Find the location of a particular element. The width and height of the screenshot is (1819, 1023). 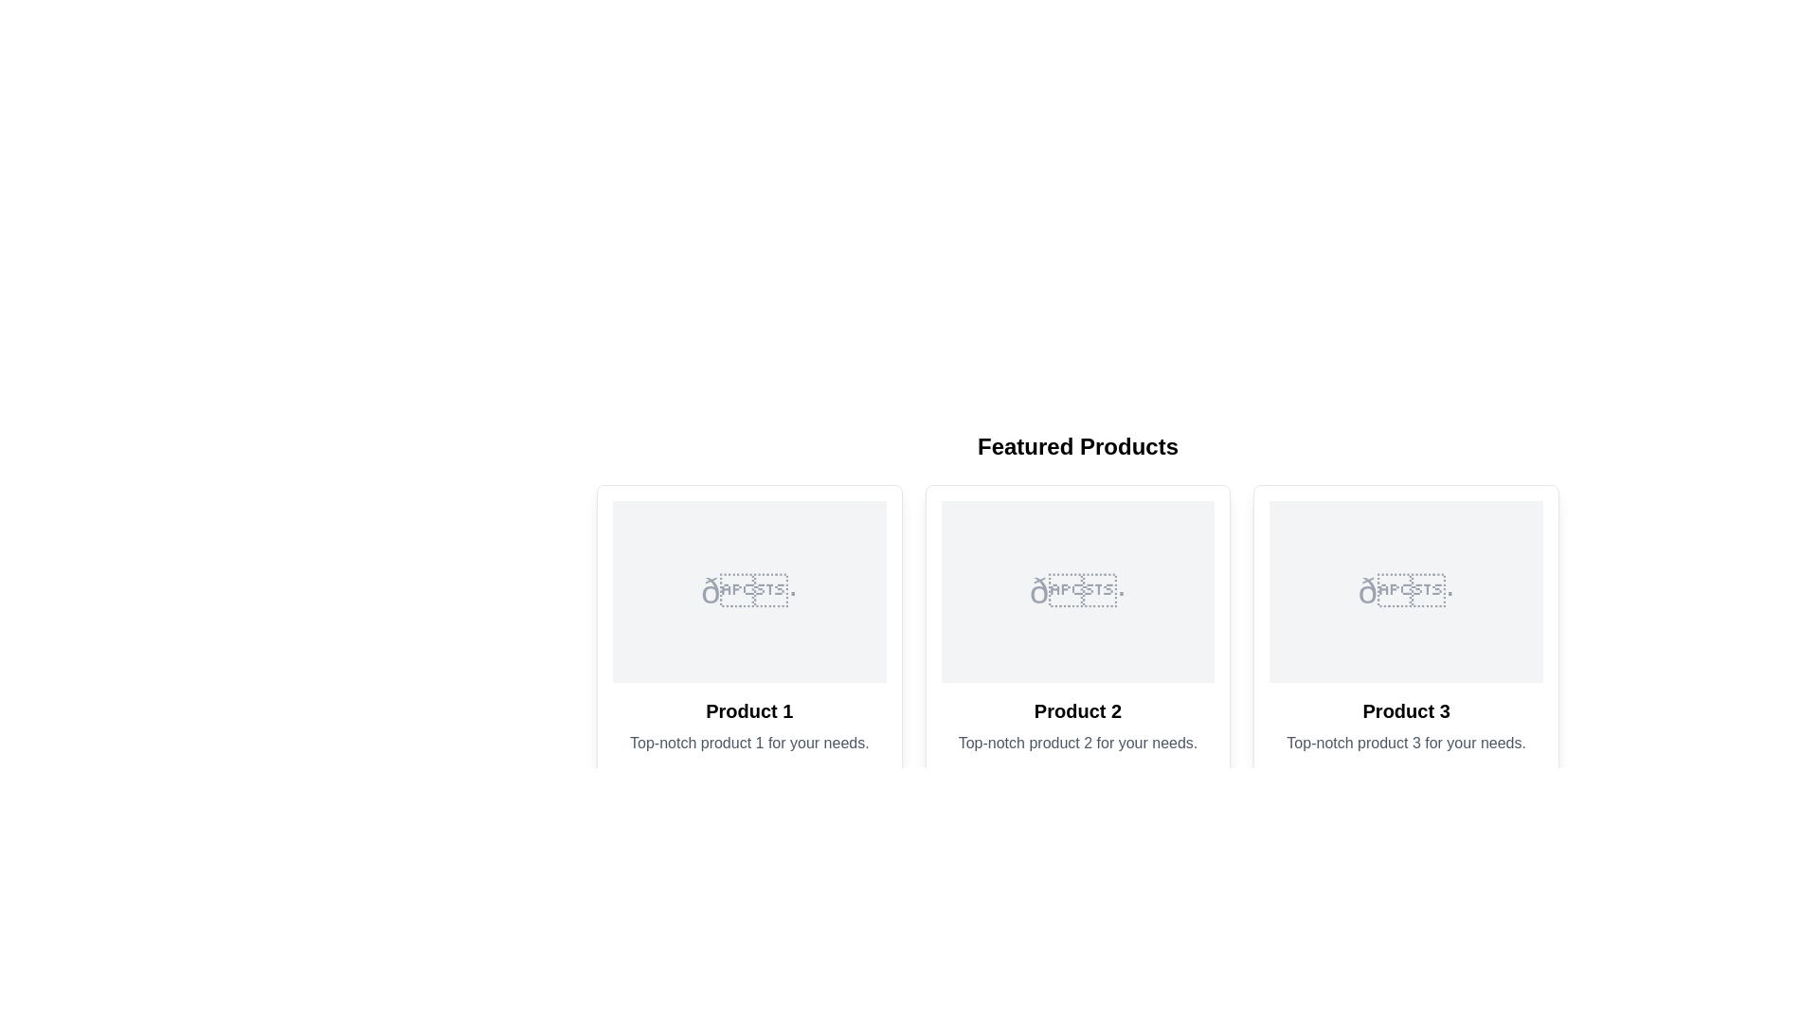

the descriptive subtitle text label located at the bottom of the first product card, which summarizes the product's qualities and purpose is located at coordinates (748, 743).